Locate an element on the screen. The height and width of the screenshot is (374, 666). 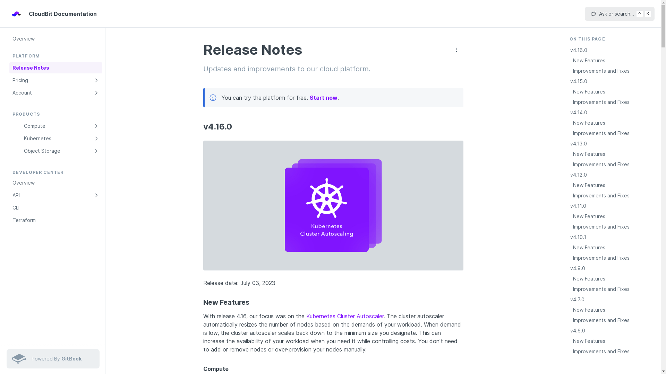
'Kubernetes Cluster Autoscaler' is located at coordinates (344, 316).